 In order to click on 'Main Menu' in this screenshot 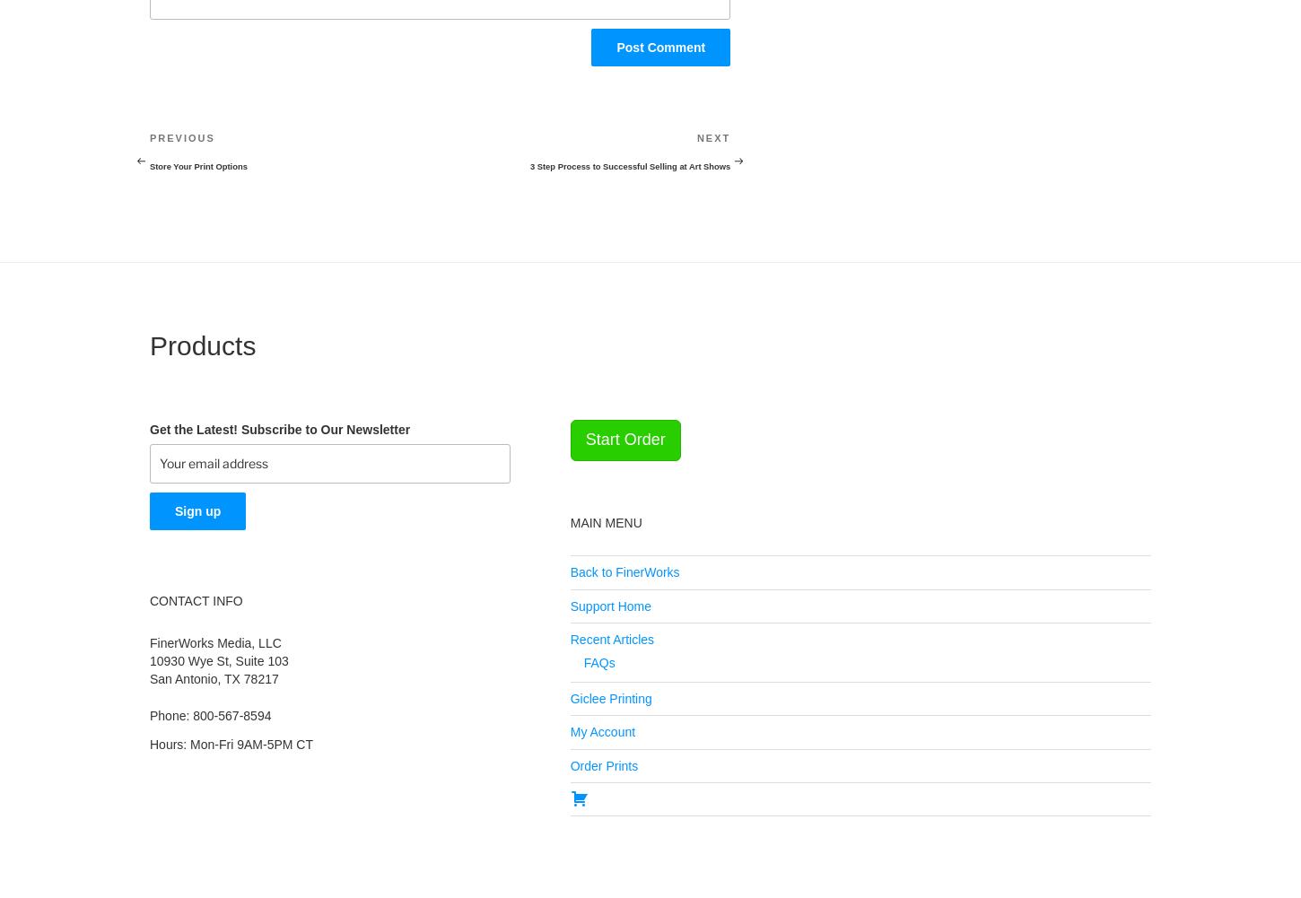, I will do `click(604, 521)`.